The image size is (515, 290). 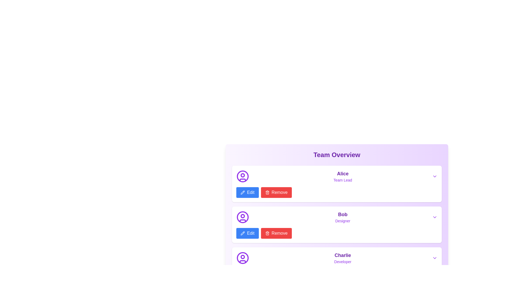 I want to click on the small pencil-shaped icon with a blue outline, located within the Edit button of the second user entry (Bob) in the Team Overview section, so click(x=242, y=233).